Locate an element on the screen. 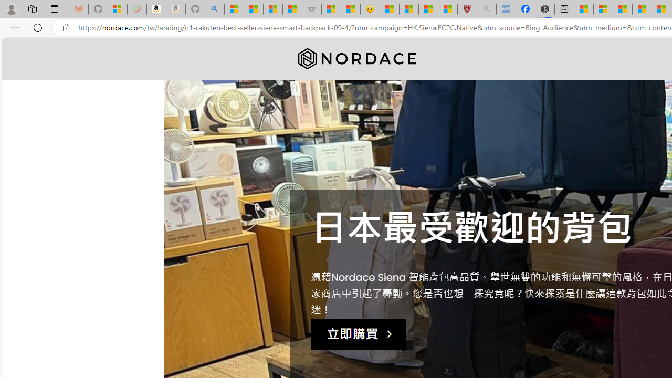  'Robert H. Shmerling, MD - Harvard Health' is located at coordinates (466, 9).